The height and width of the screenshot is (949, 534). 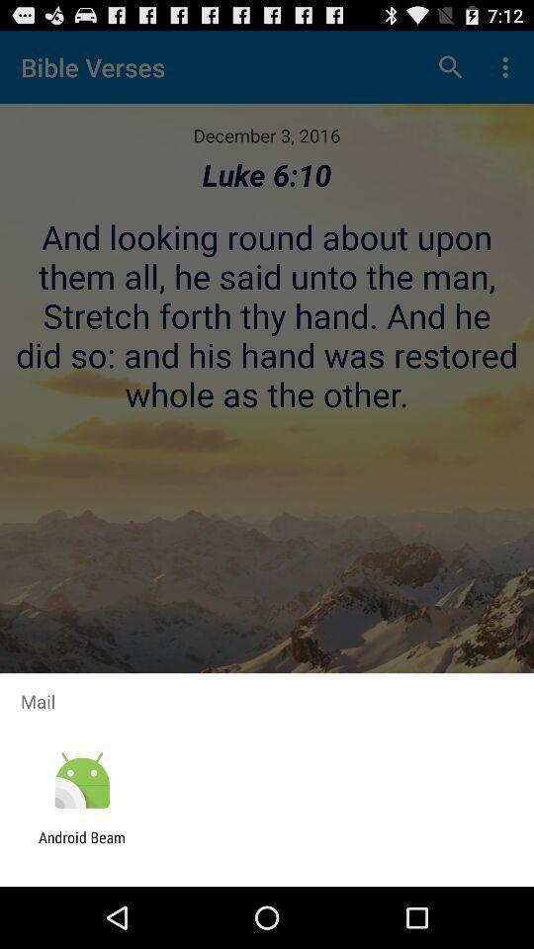 What do you see at coordinates (81, 781) in the screenshot?
I see `the item below the mail icon` at bounding box center [81, 781].